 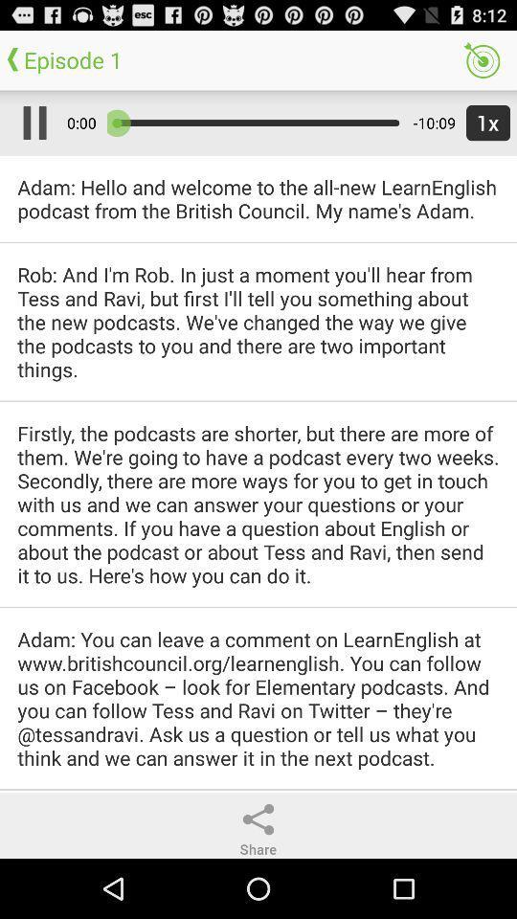 What do you see at coordinates (30, 122) in the screenshot?
I see `pause` at bounding box center [30, 122].